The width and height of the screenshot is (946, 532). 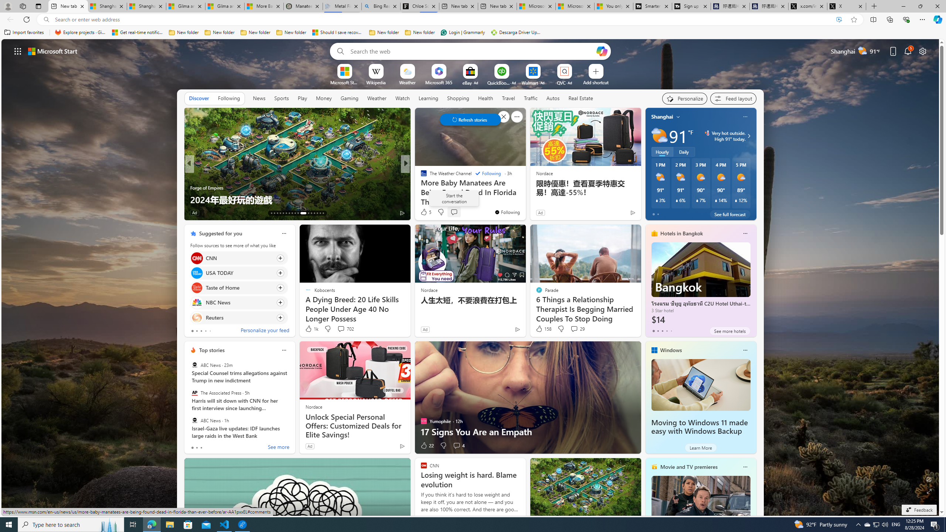 I want to click on 'Click to follow source USA TODAY', so click(x=238, y=273).